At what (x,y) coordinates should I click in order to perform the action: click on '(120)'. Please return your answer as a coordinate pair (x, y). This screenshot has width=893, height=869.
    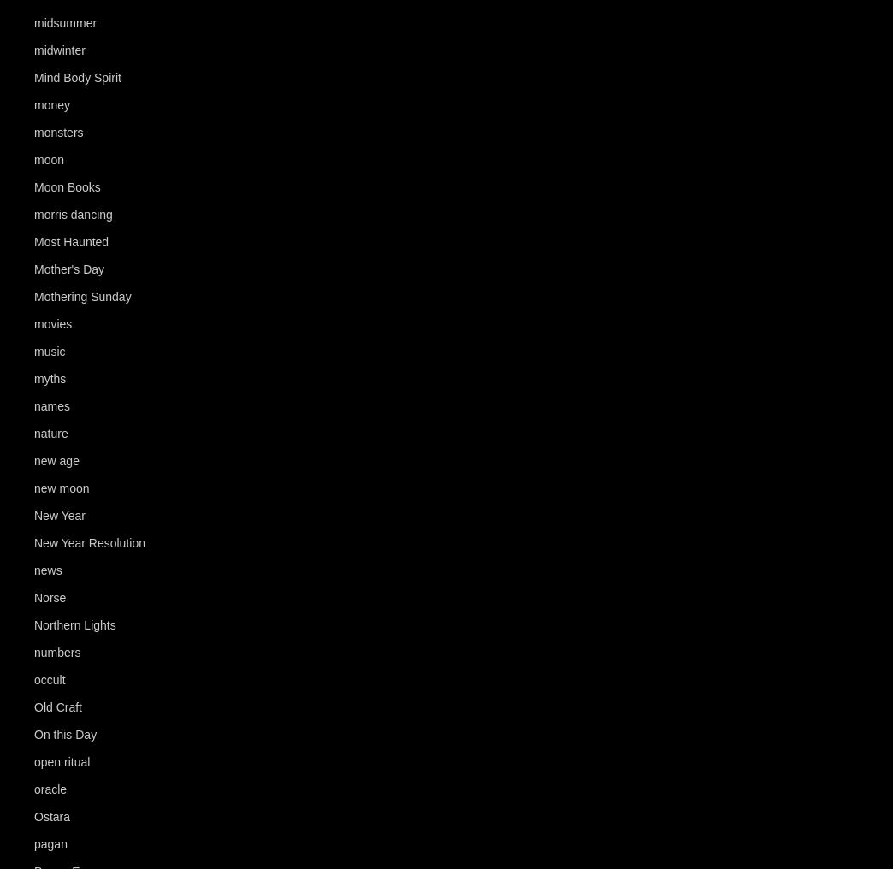
    Looking at the image, I should click on (106, 761).